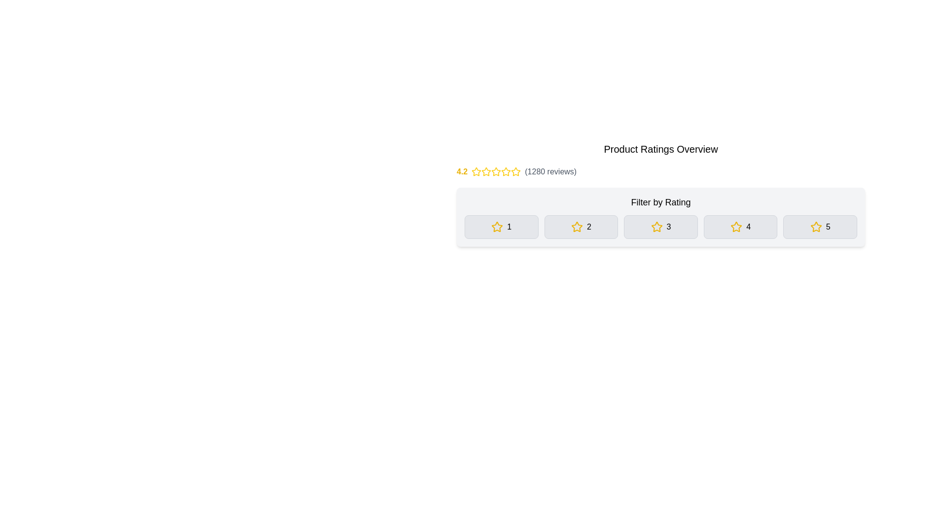 The width and height of the screenshot is (947, 532). What do you see at coordinates (740, 227) in the screenshot?
I see `the button that filters content by selecting a rating of 4 stars, located in the fourth position of a horizontal sequence of five controls under the 'Filter by Rating' label` at bounding box center [740, 227].